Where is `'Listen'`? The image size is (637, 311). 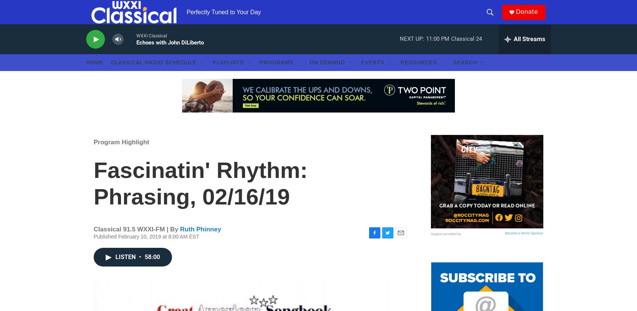
'Listen' is located at coordinates (126, 271).